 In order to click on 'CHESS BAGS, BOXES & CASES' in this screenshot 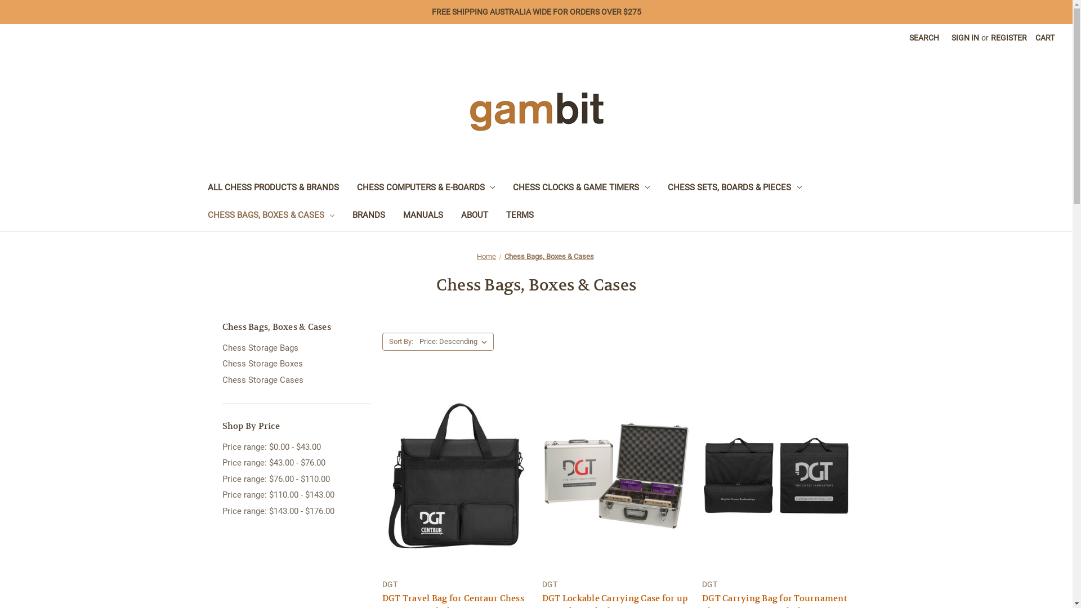, I will do `click(270, 216)`.